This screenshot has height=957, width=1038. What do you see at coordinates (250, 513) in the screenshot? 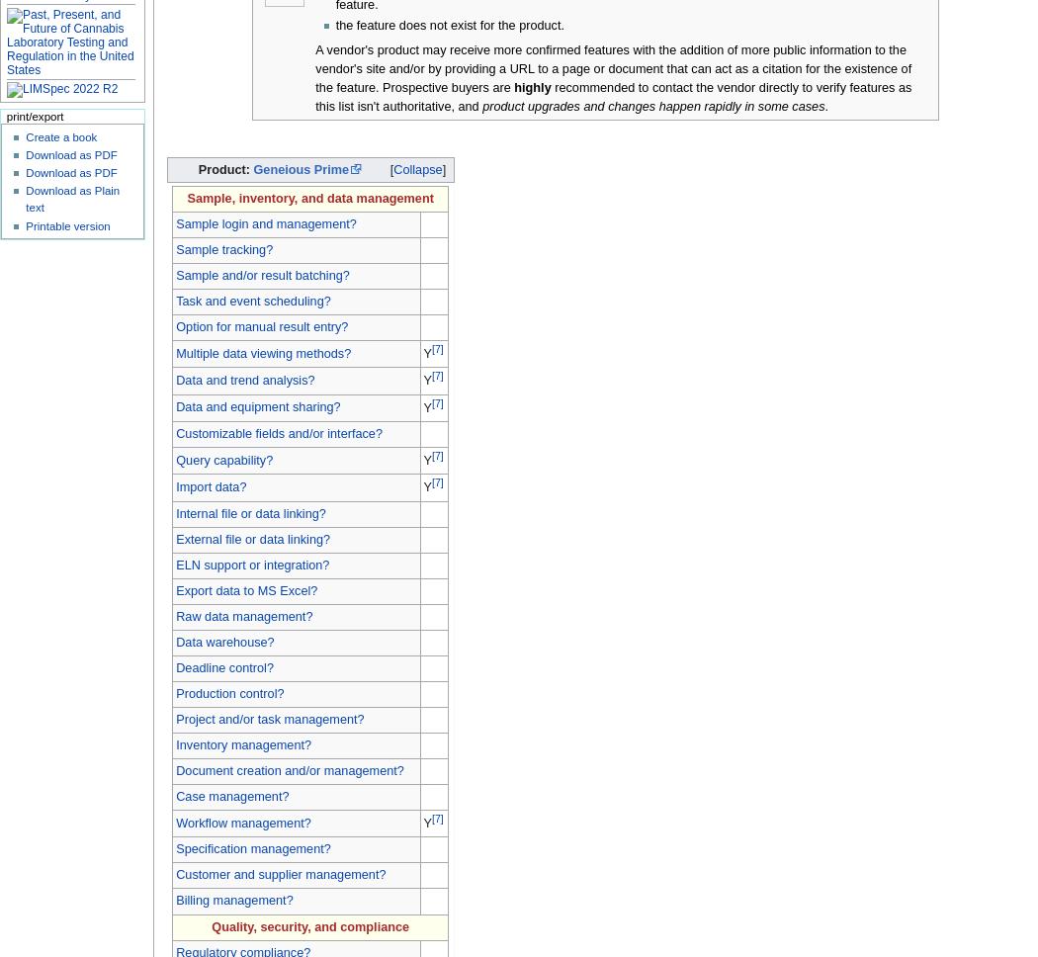
I see `'Internal file or data linking?'` at bounding box center [250, 513].